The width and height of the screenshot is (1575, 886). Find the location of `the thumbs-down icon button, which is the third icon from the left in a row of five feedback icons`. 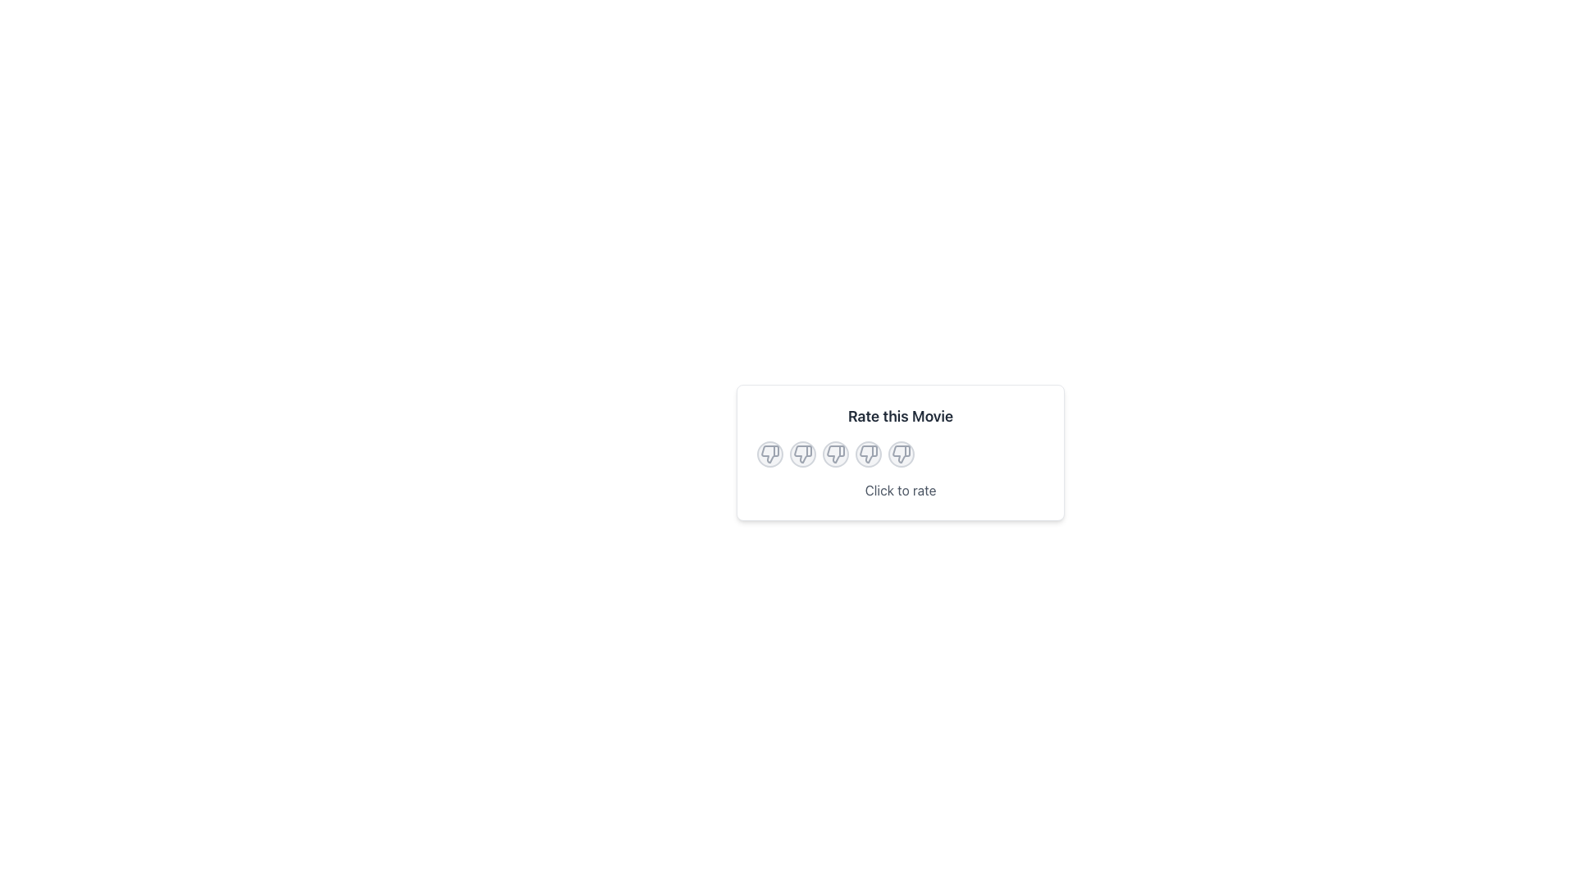

the thumbs-down icon button, which is the third icon from the left in a row of five feedback icons is located at coordinates (835, 454).